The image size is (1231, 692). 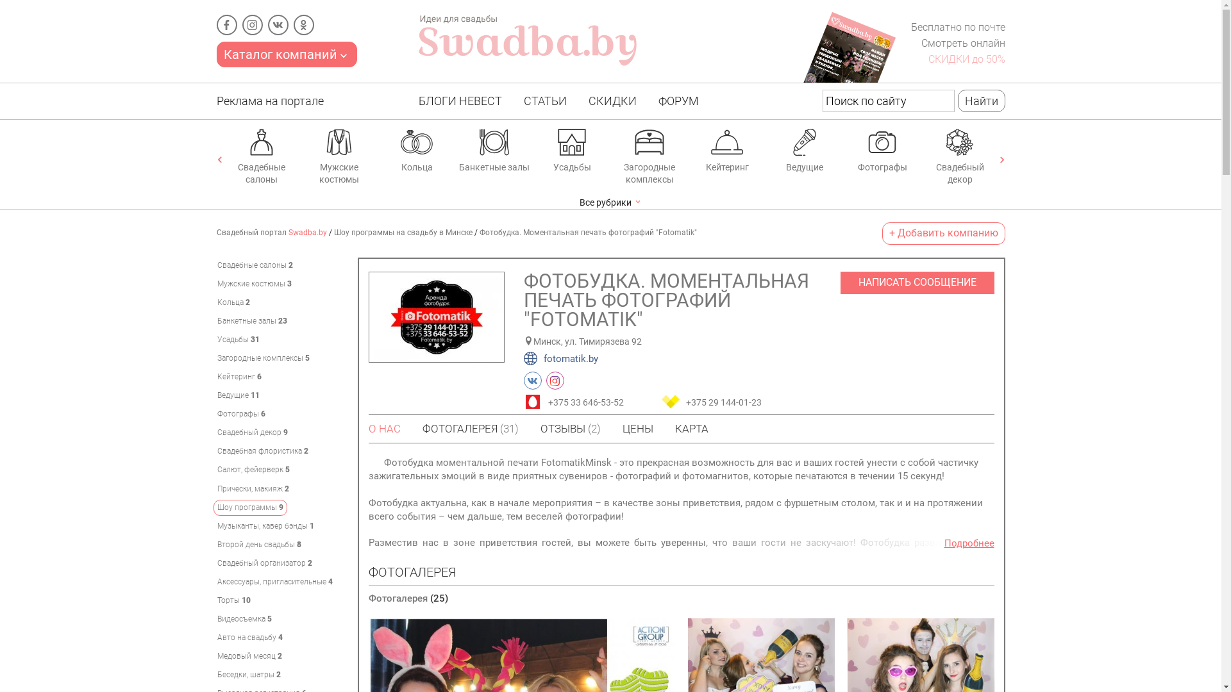 I want to click on 'fotomatik.by', so click(x=560, y=358).